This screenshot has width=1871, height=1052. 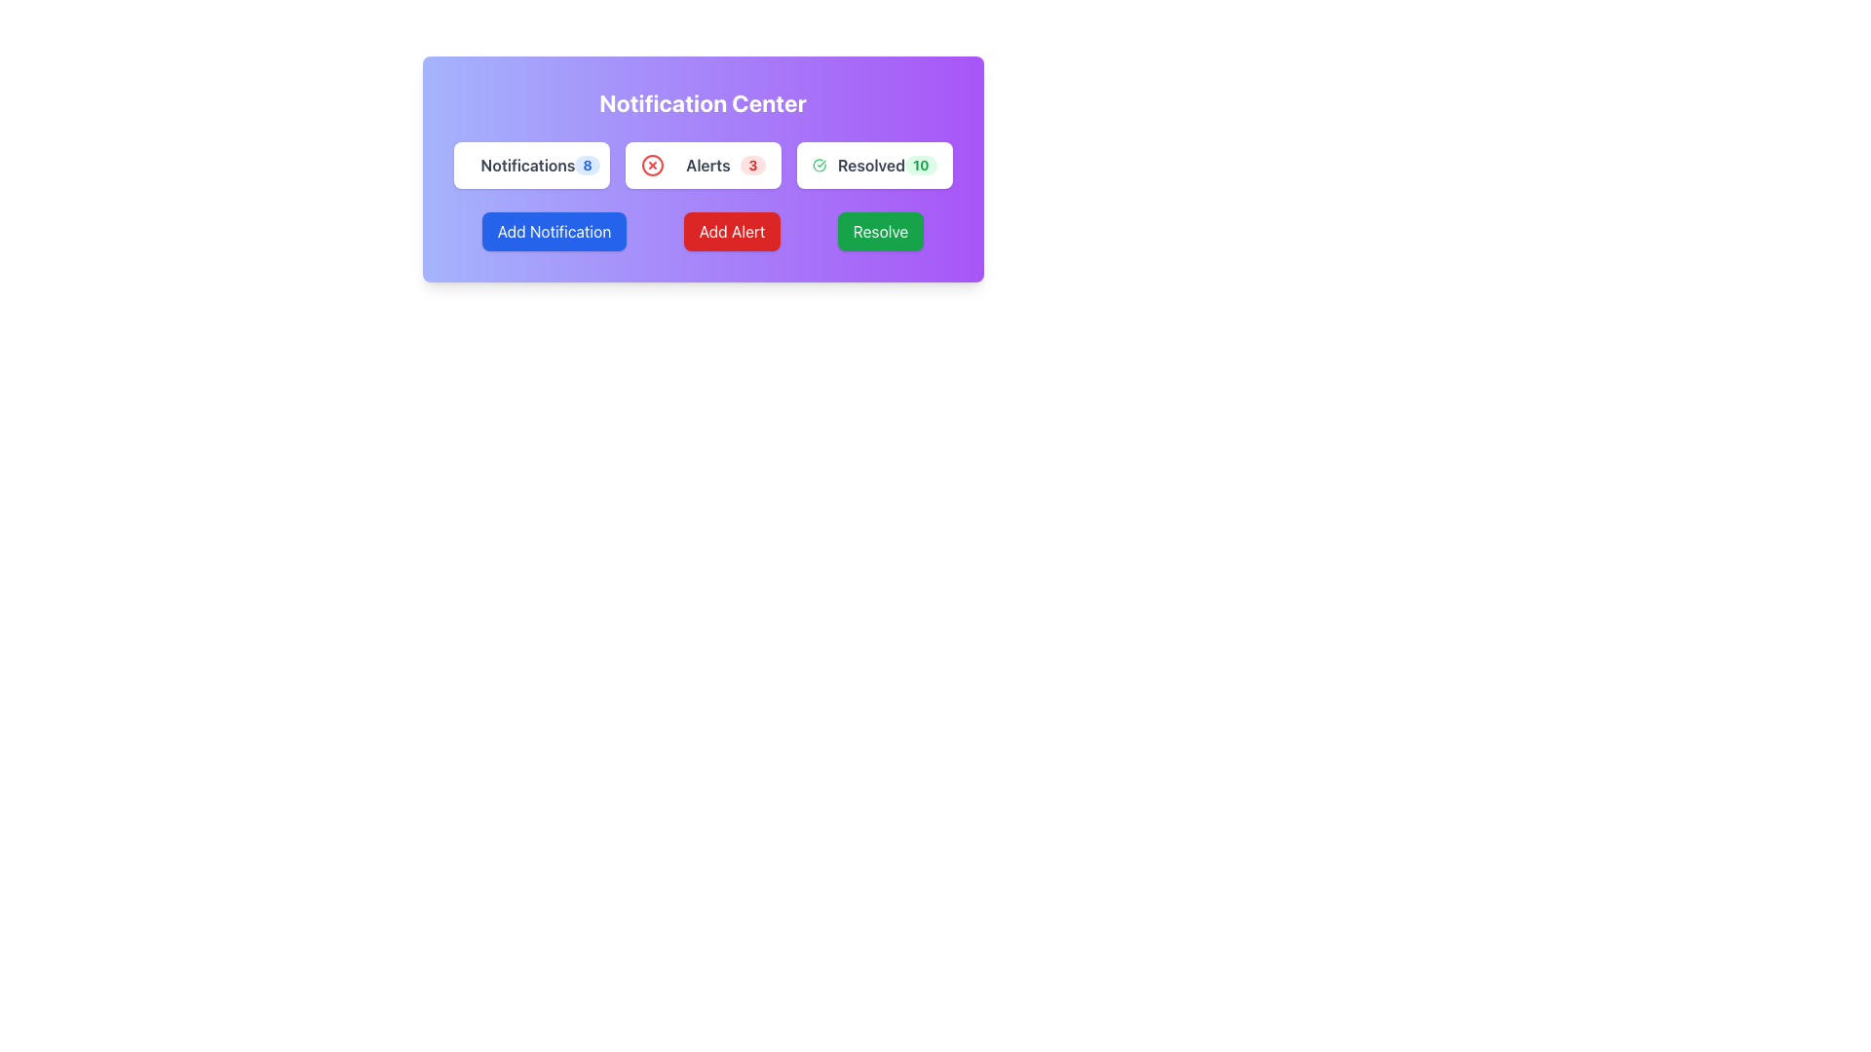 I want to click on the displayed count on the Notification Badge located in the 'Alerts' section, positioned to the right of the text 'Alerts', so click(x=751, y=164).